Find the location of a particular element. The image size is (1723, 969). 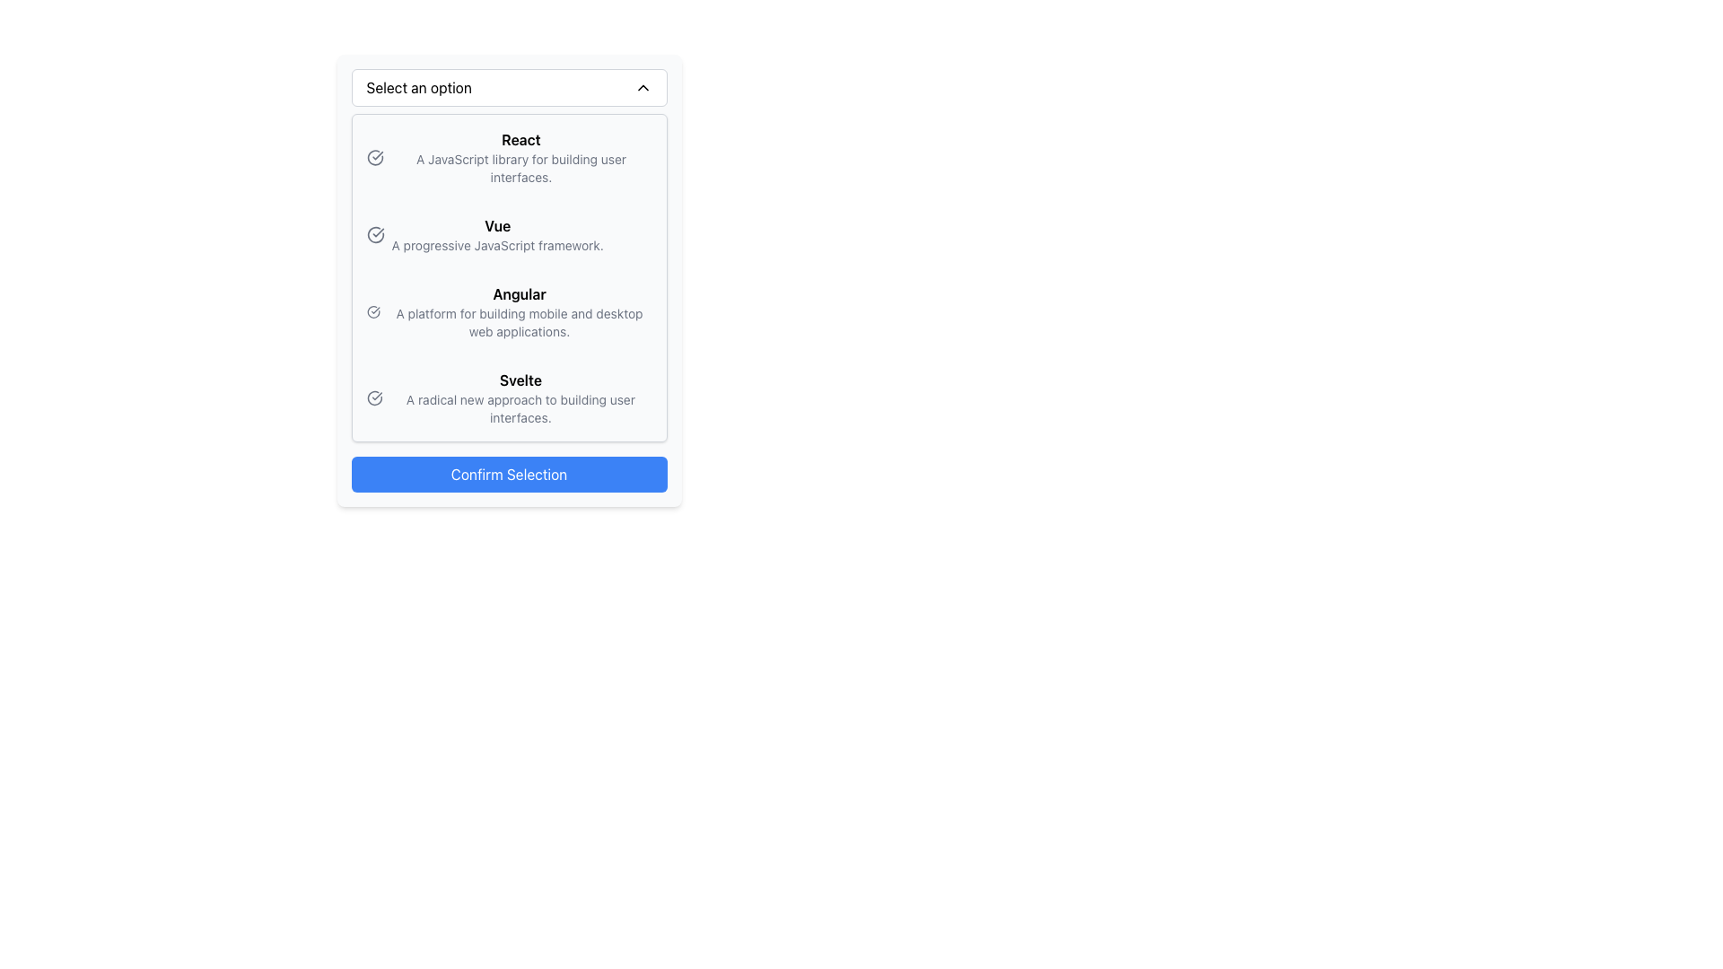

to select the 'Vue' option in the list, which is the second item featuring a check mark icon and a description below it is located at coordinates (508, 234).